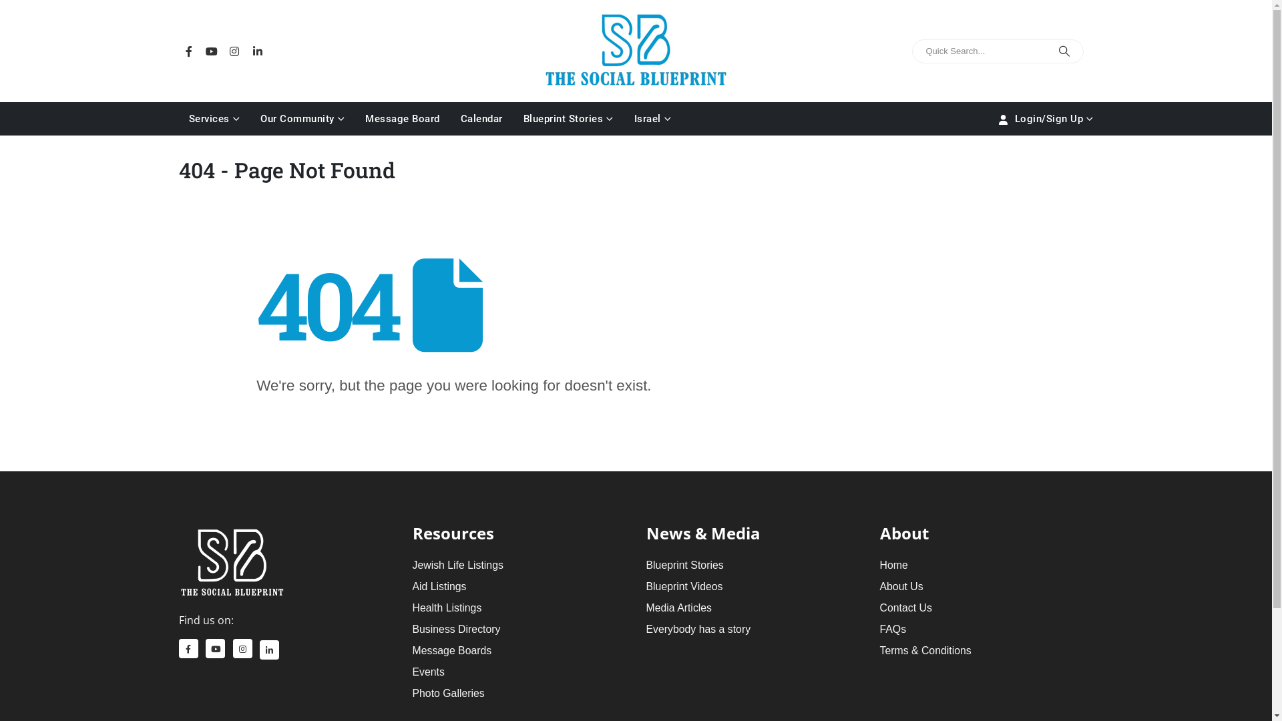 This screenshot has width=1282, height=721. What do you see at coordinates (214, 117) in the screenshot?
I see `'Services'` at bounding box center [214, 117].